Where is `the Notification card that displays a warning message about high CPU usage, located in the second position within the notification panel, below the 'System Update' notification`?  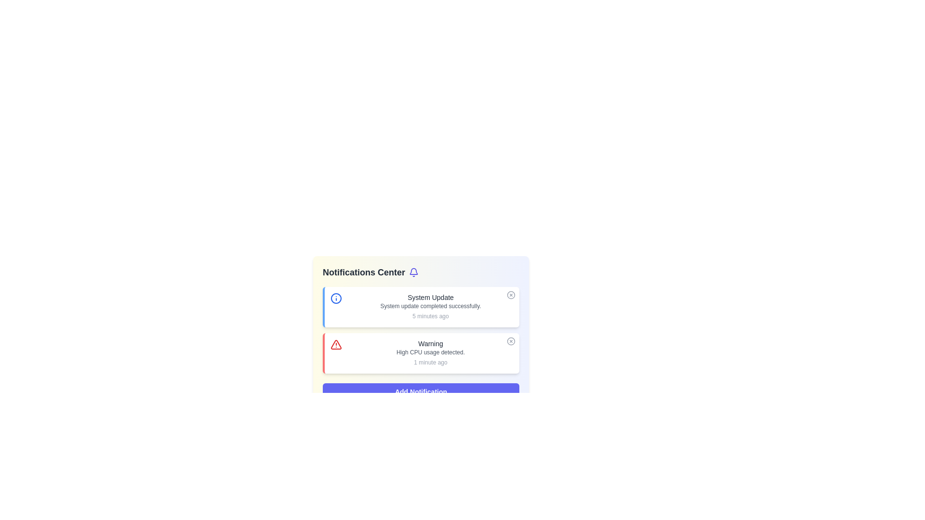 the Notification card that displays a warning message about high CPU usage, located in the second position within the notification panel, below the 'System Update' notification is located at coordinates (421, 353).